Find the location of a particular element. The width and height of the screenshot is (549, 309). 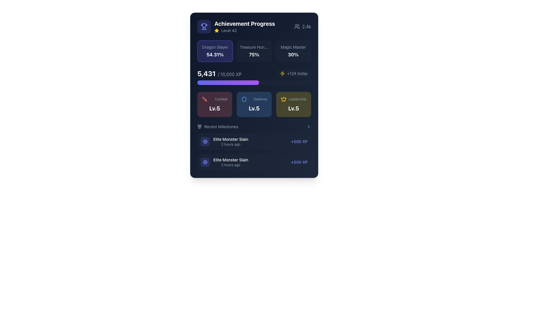

the 'Elite Monster Slain' text label in the 'Recent Milestones' section to use it as a reference is located at coordinates (231, 162).